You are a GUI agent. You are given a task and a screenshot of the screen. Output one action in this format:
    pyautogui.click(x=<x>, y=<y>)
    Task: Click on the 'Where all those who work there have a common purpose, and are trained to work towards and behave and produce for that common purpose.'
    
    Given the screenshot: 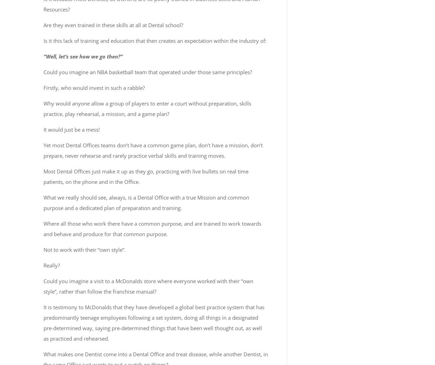 What is the action you would take?
    pyautogui.click(x=152, y=228)
    